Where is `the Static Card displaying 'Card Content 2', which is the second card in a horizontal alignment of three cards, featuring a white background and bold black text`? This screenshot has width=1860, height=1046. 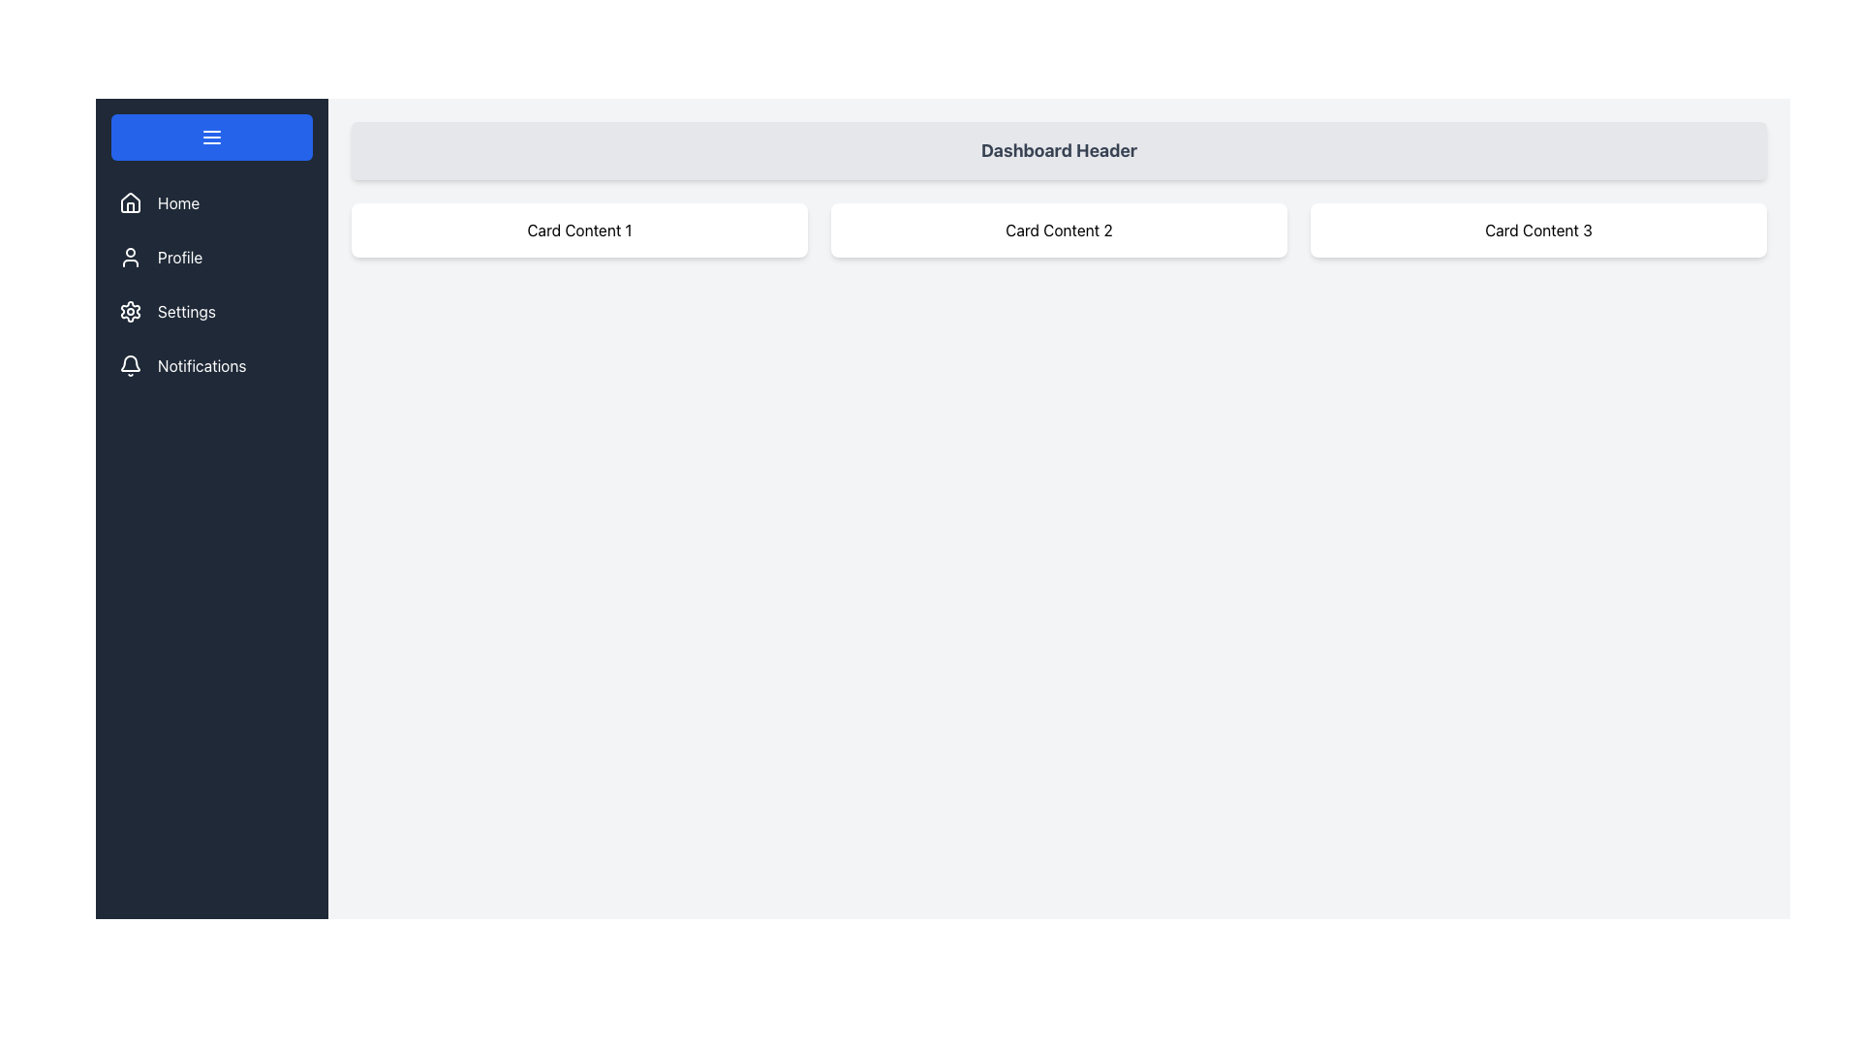
the Static Card displaying 'Card Content 2', which is the second card in a horizontal alignment of three cards, featuring a white background and bold black text is located at coordinates (1058, 230).